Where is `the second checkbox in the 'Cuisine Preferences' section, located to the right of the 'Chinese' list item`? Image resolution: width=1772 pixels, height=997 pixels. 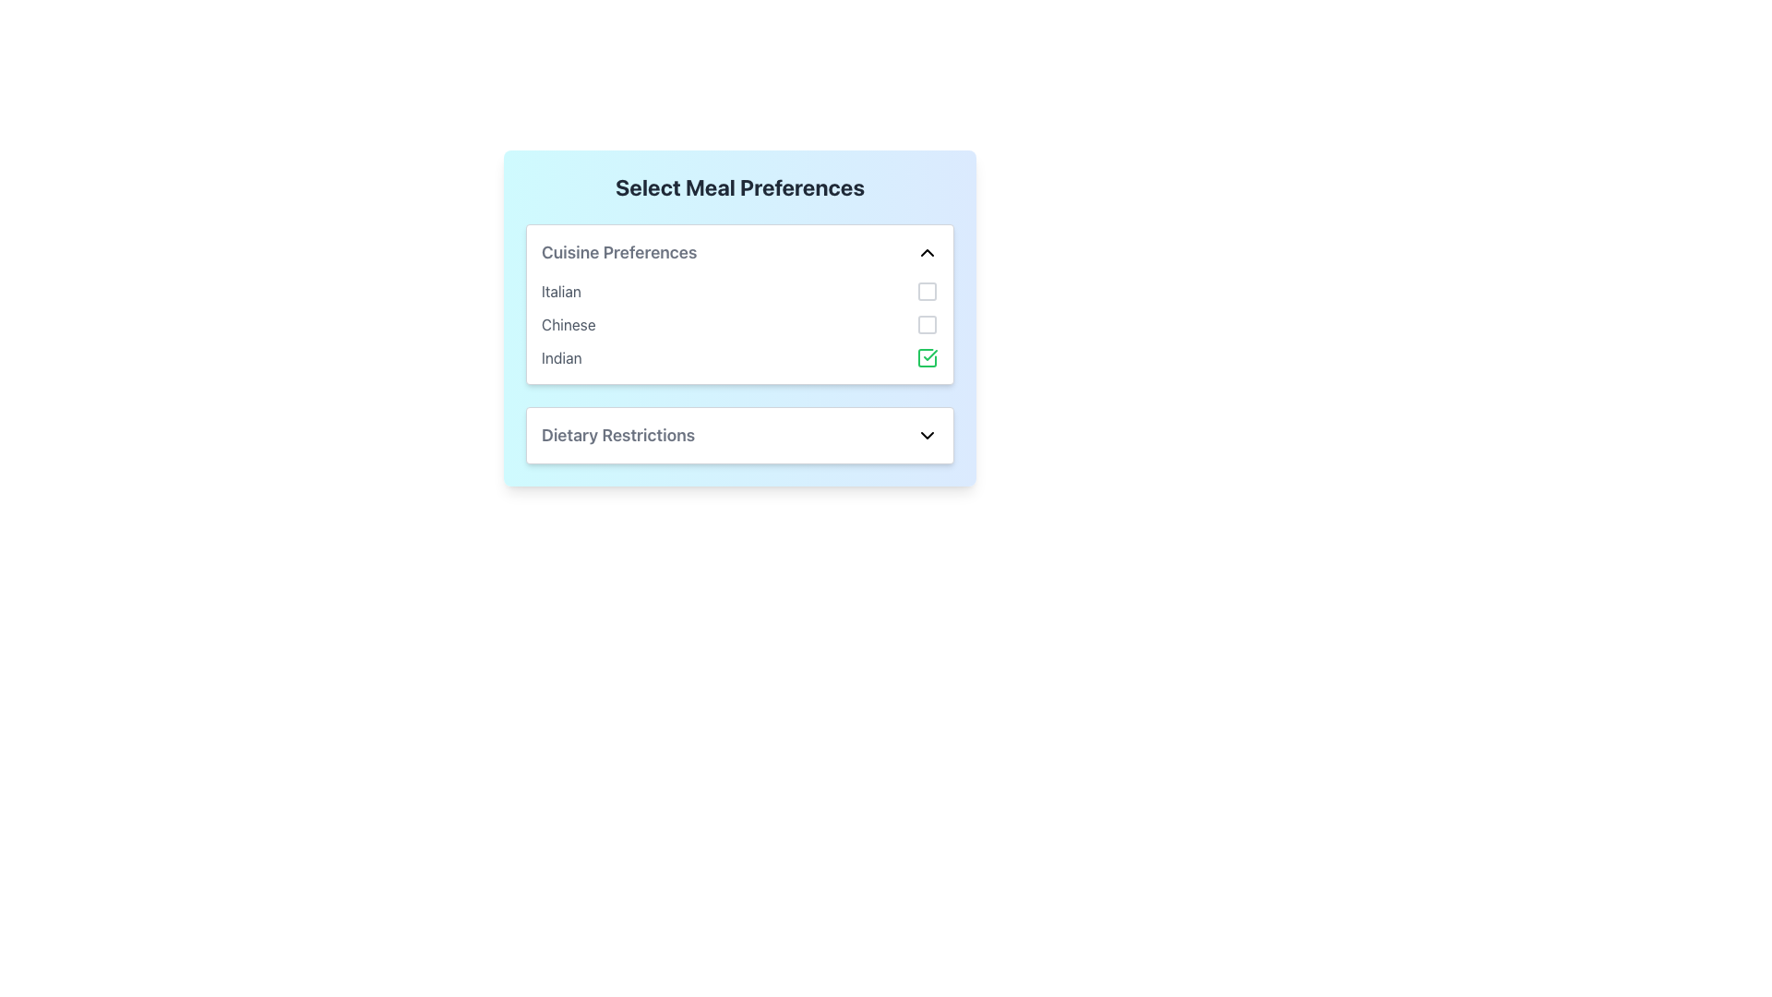
the second checkbox in the 'Cuisine Preferences' section, located to the right of the 'Chinese' list item is located at coordinates (927, 323).